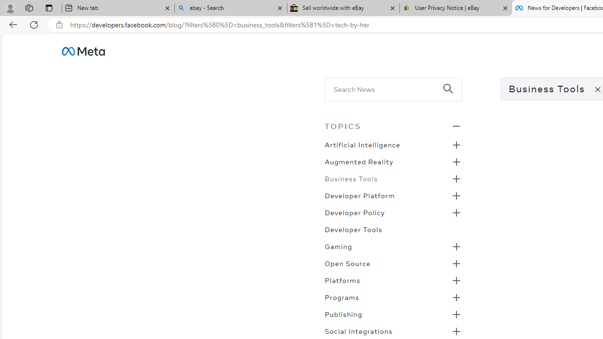 The image size is (603, 339). Describe the element at coordinates (362, 144) in the screenshot. I see `'Artificial Intelligence'` at that location.